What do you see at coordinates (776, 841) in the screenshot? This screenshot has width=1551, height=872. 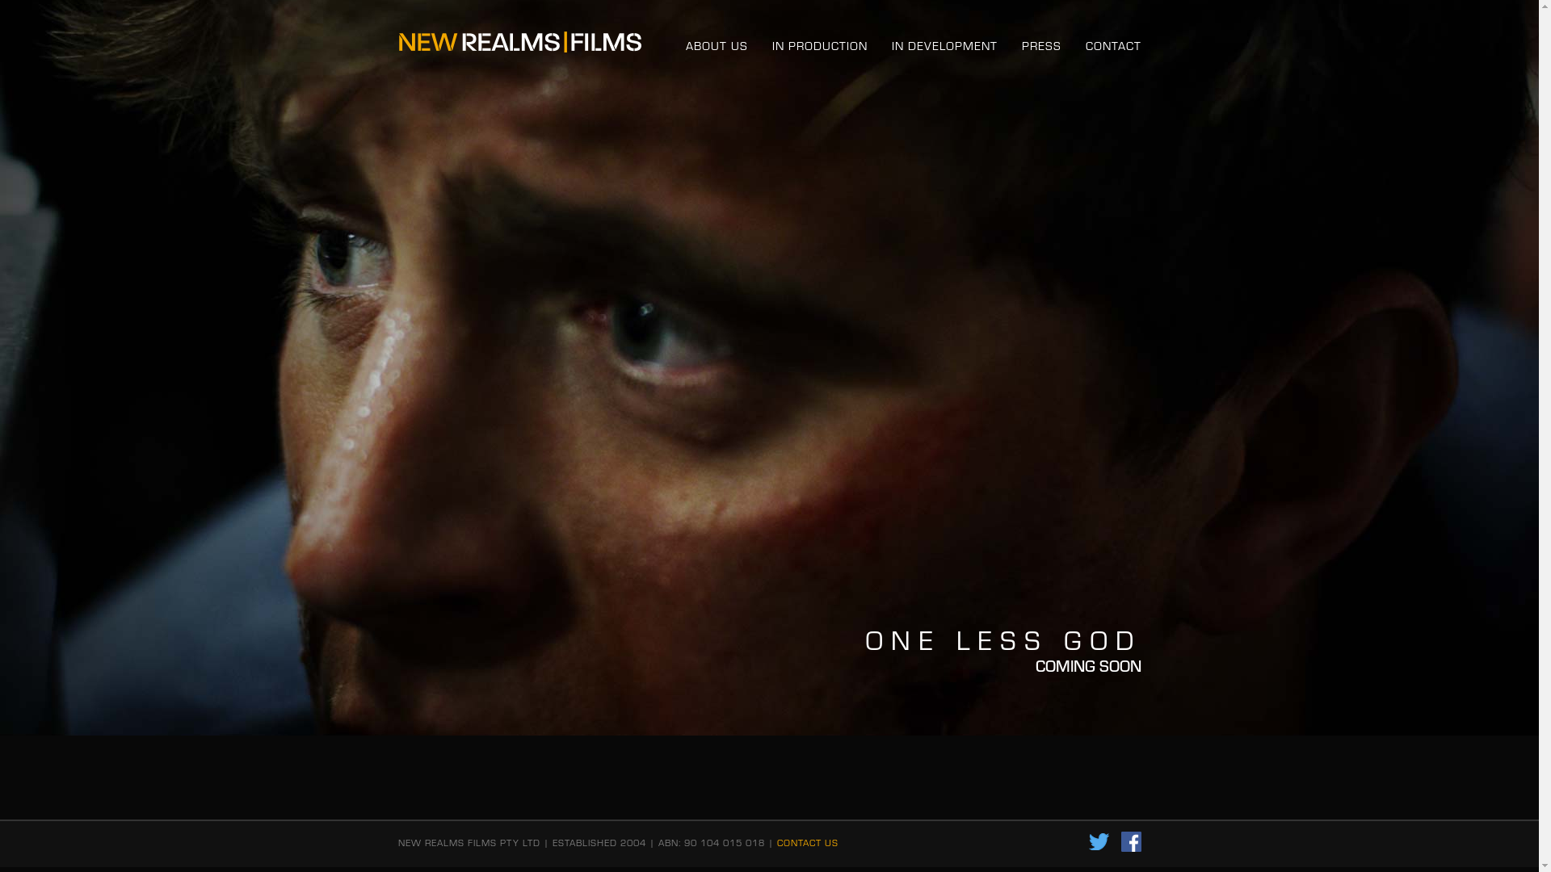 I see `'CONTACT US'` at bounding box center [776, 841].